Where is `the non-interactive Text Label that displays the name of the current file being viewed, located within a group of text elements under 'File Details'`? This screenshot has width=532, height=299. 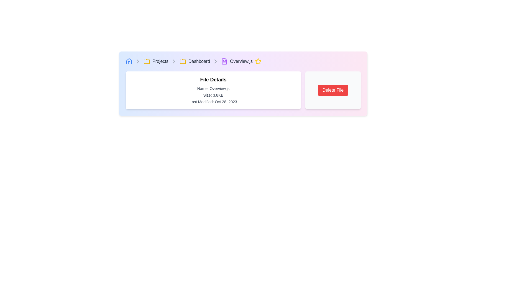
the non-interactive Text Label that displays the name of the current file being viewed, located within a group of text elements under 'File Details' is located at coordinates (213, 88).